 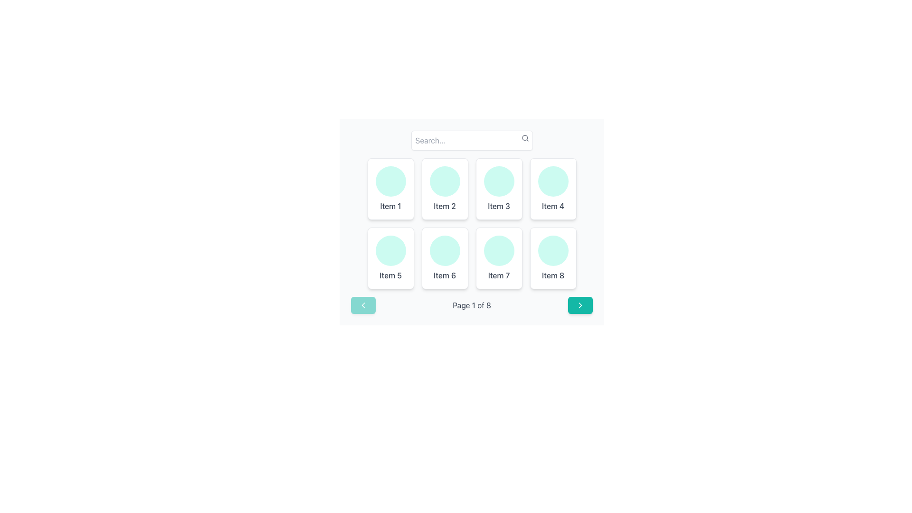 What do you see at coordinates (553, 258) in the screenshot?
I see `the last card in the second row representing 'Item 8'` at bounding box center [553, 258].